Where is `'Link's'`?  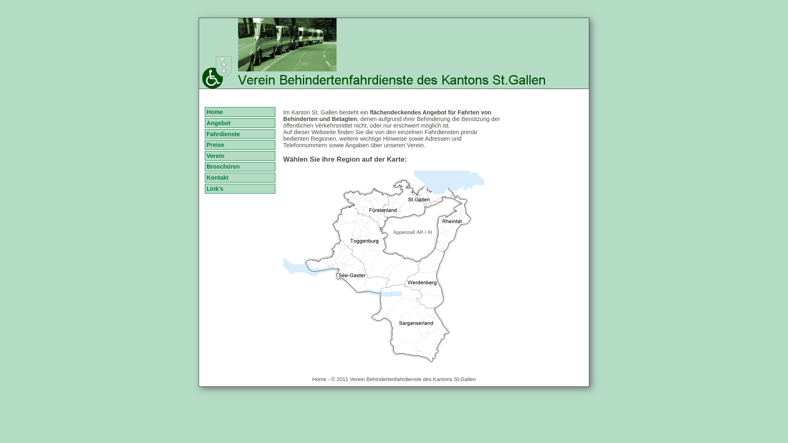
'Link's' is located at coordinates (239, 188).